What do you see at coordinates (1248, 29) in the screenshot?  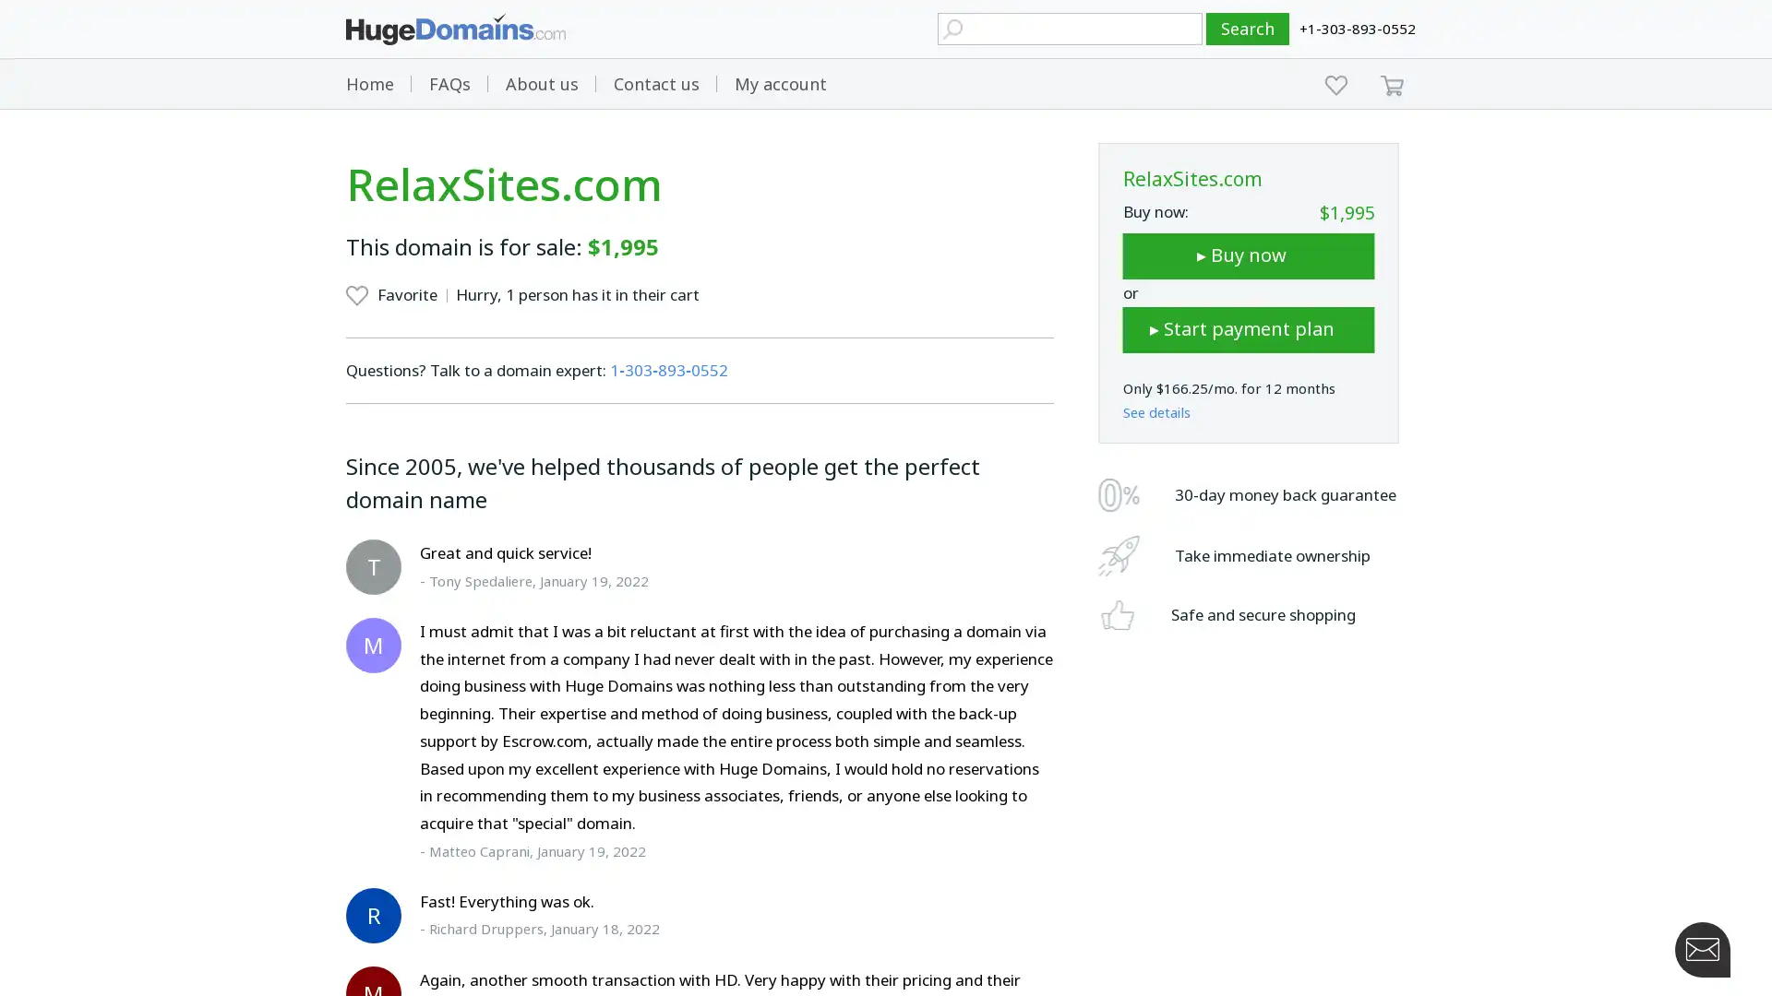 I see `Search` at bounding box center [1248, 29].